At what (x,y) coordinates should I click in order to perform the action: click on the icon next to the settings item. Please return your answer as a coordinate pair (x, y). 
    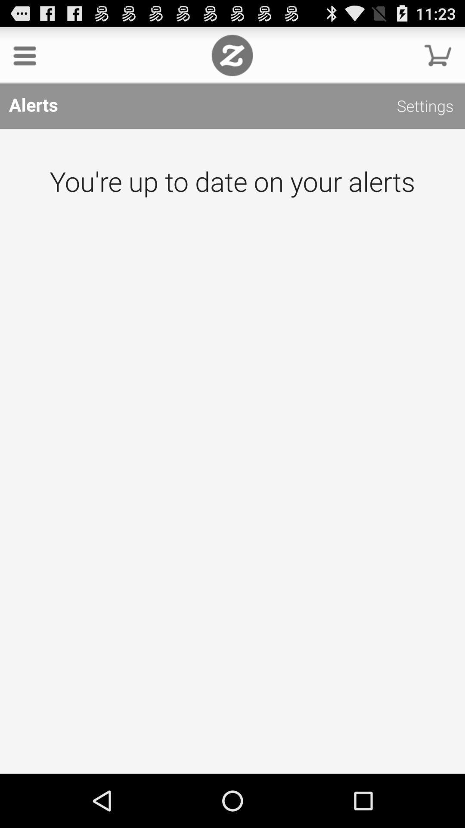
    Looking at the image, I should click on (232, 55).